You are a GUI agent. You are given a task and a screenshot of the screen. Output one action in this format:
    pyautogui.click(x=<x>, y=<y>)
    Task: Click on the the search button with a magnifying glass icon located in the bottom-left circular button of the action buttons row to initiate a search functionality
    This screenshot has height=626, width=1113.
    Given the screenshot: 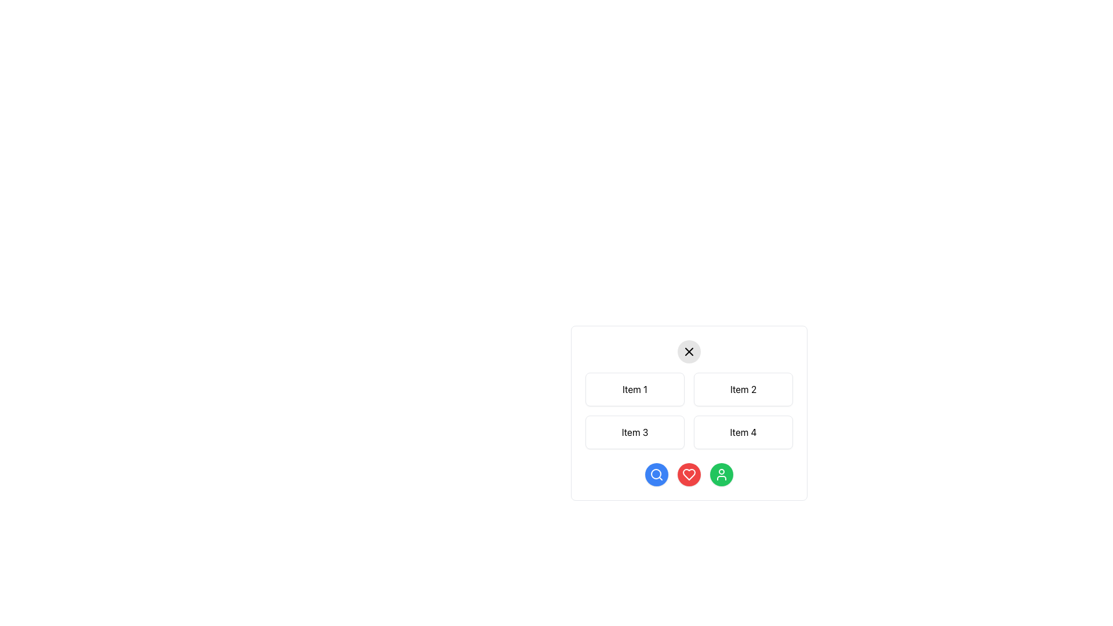 What is the action you would take?
    pyautogui.click(x=656, y=474)
    